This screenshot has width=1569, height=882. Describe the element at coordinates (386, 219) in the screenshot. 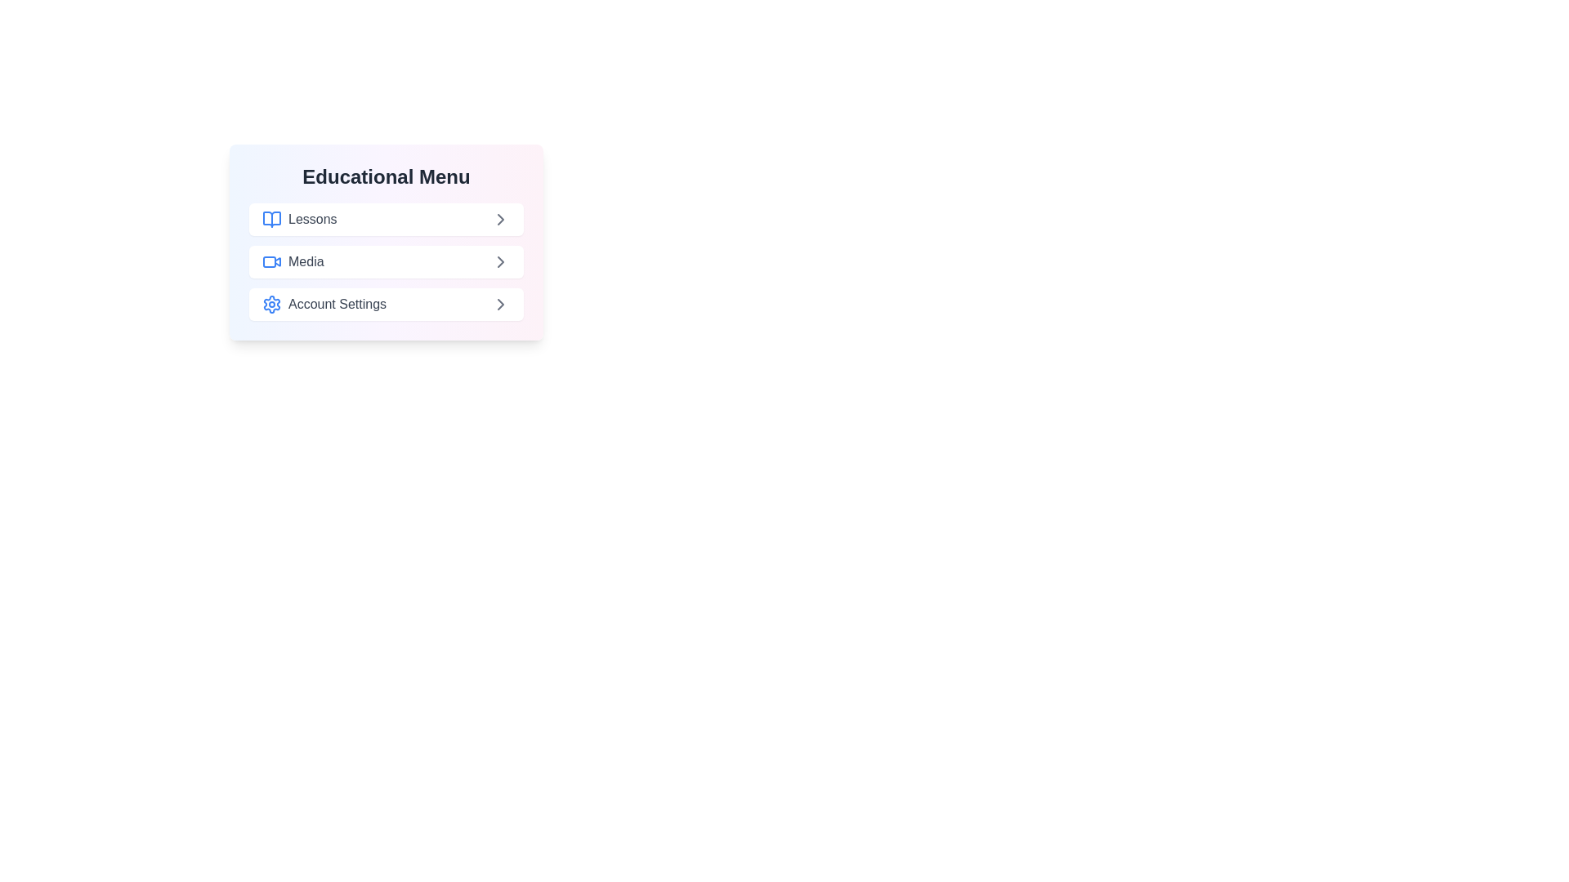

I see `the 'Lessons' button, which is the first item in the educational menu stack, to provide visual feedback` at that location.